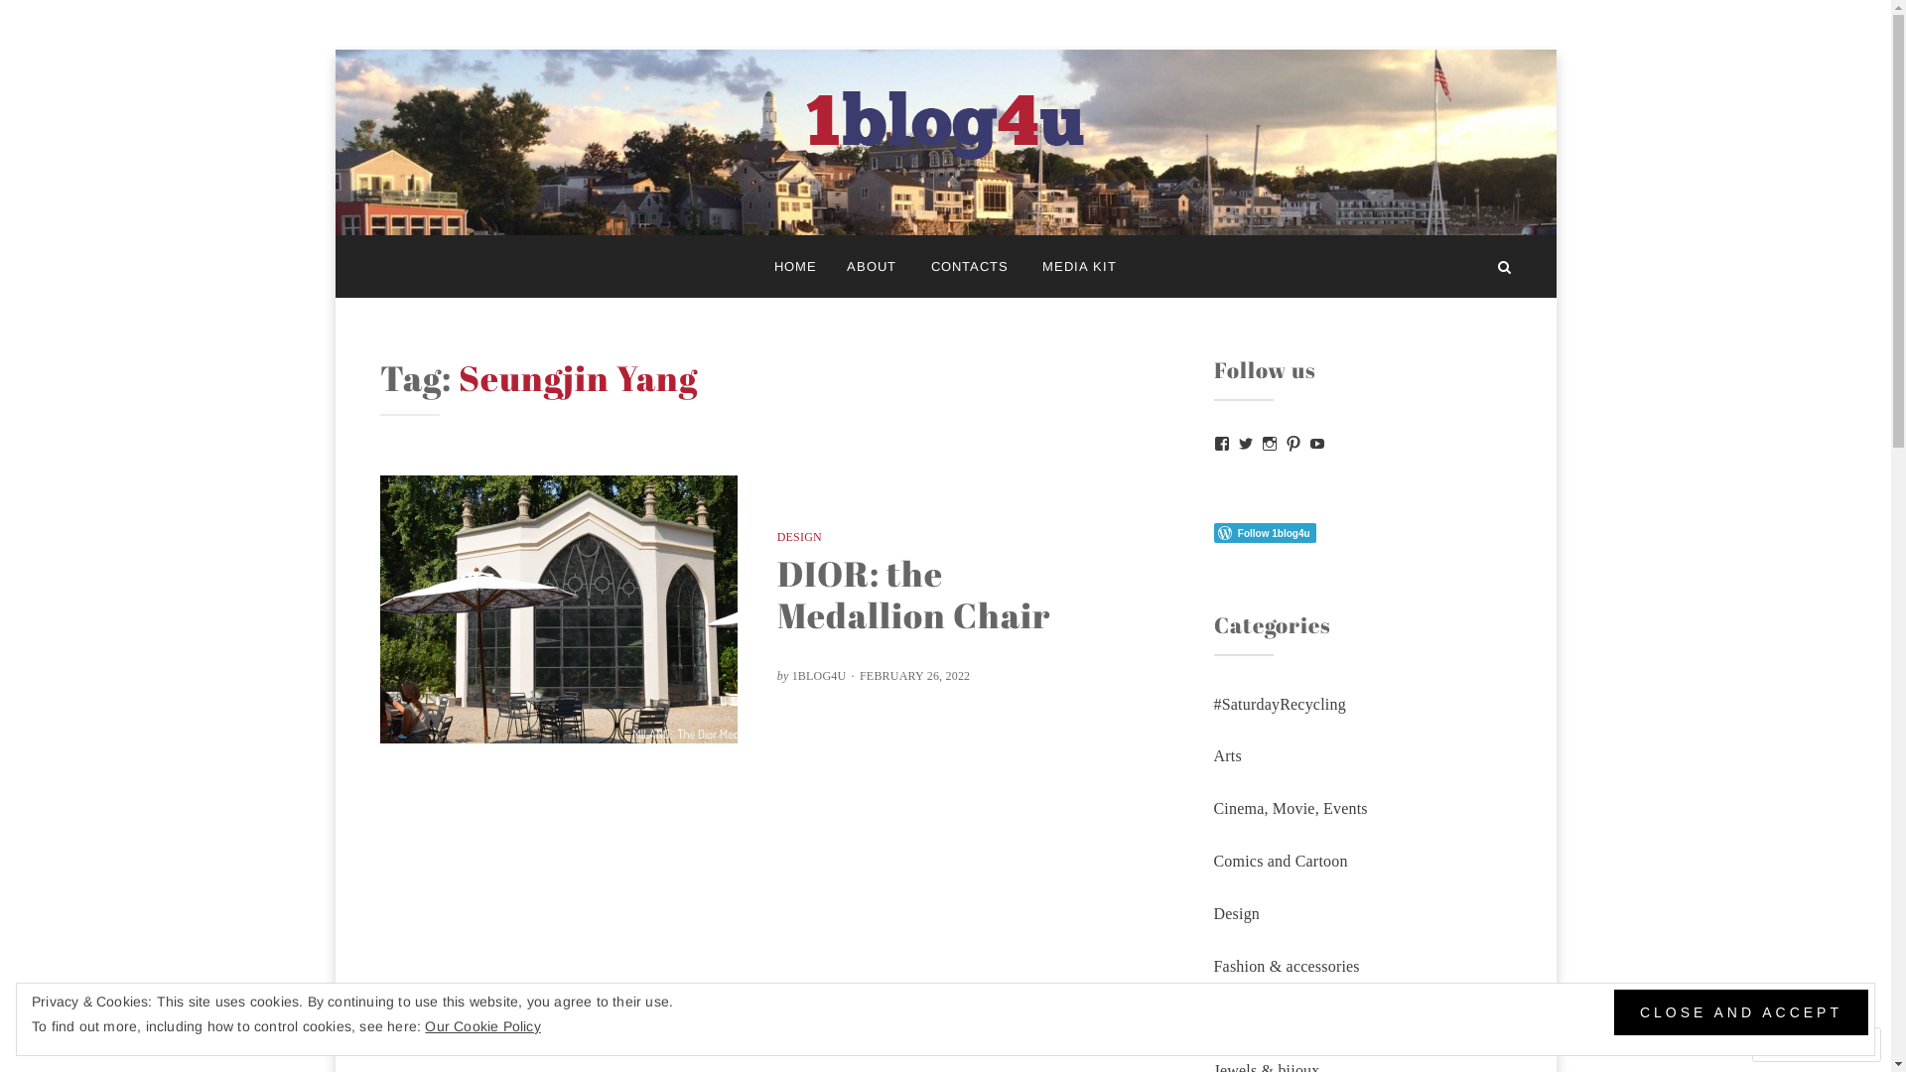  What do you see at coordinates (66, 23) in the screenshot?
I see `'Search'` at bounding box center [66, 23].